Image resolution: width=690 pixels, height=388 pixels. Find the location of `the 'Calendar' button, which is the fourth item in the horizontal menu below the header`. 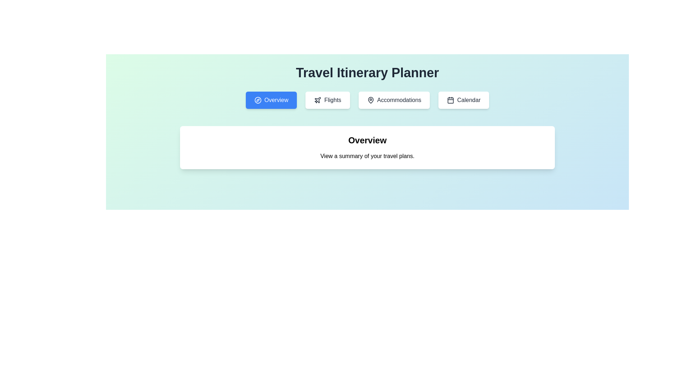

the 'Calendar' button, which is the fourth item in the horizontal menu below the header is located at coordinates (464, 100).